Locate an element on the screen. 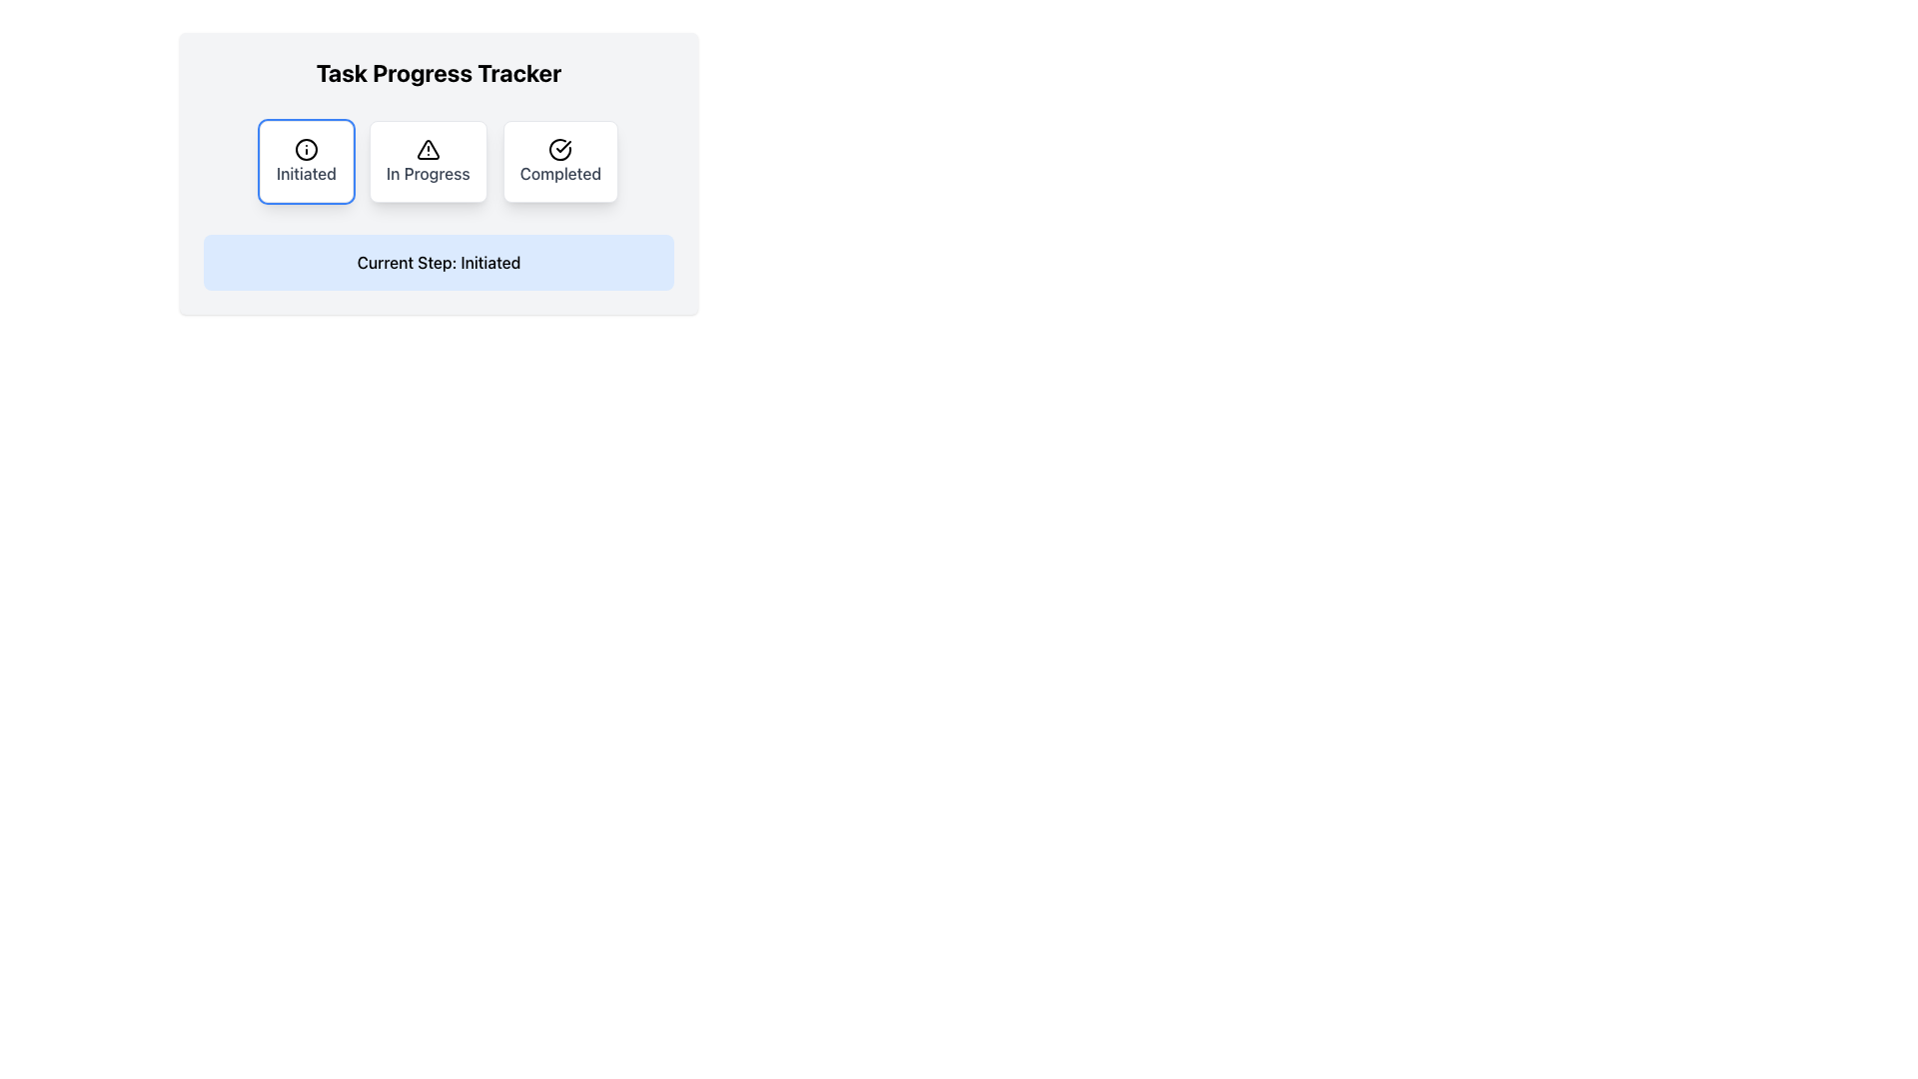  bold, centered heading text labeled 'Task Progress Tracker' located at the top of the card layout is located at coordinates (438, 72).